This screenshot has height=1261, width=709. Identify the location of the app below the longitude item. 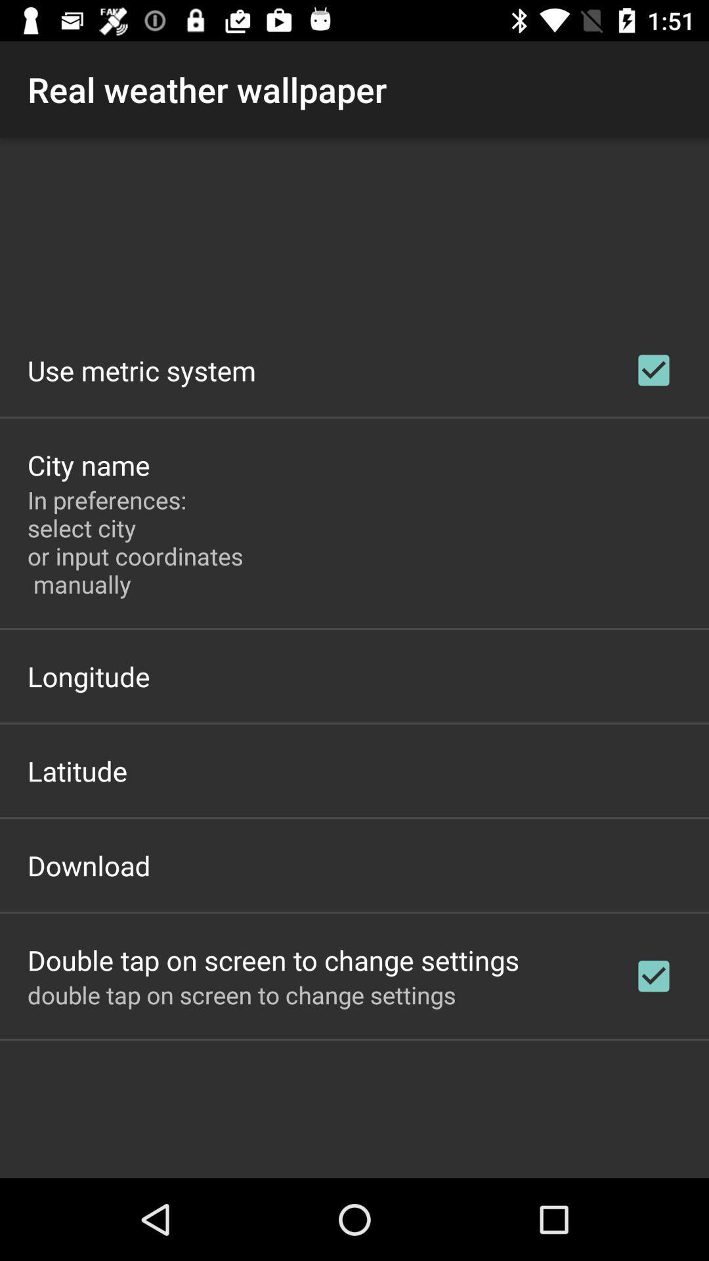
(77, 770).